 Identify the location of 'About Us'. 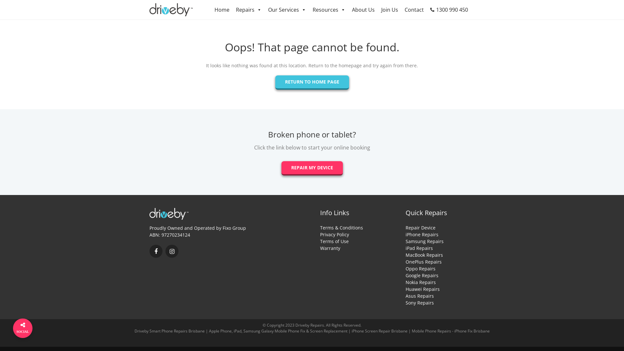
(348, 10).